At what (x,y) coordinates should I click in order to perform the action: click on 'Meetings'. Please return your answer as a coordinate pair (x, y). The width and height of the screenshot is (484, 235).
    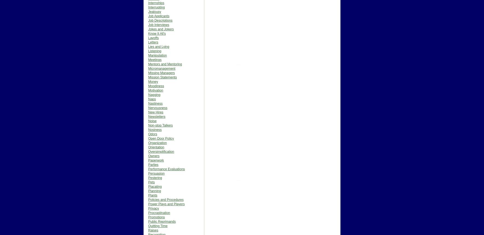
    Looking at the image, I should click on (155, 60).